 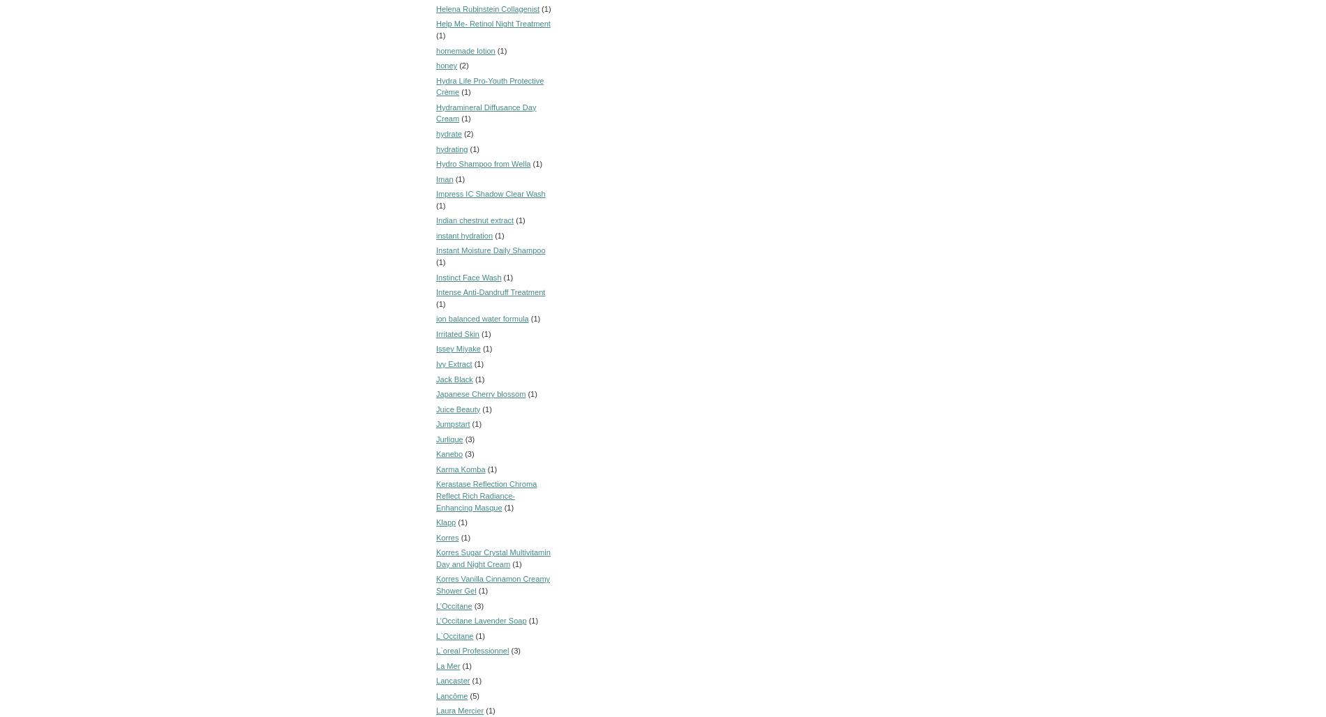 I want to click on 'Kerastase Reflection Chroma Reflect Rich Radiance-Enhancing Masque', so click(x=435, y=495).